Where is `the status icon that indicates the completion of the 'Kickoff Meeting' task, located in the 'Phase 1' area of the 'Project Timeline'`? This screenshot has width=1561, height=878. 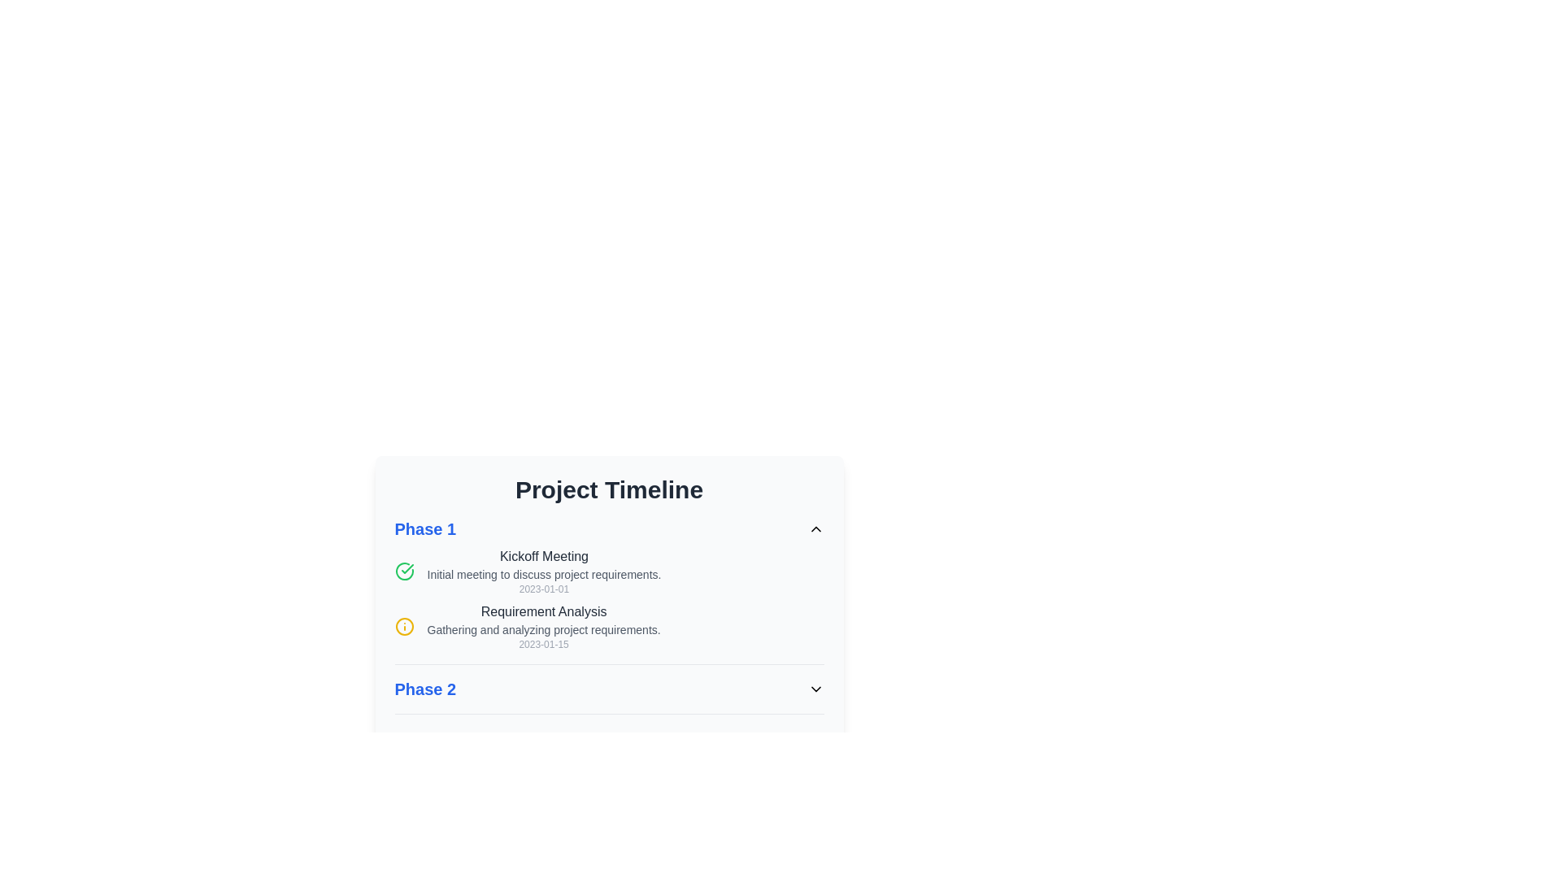
the status icon that indicates the completion of the 'Kickoff Meeting' task, located in the 'Phase 1' area of the 'Project Timeline' is located at coordinates (407, 567).